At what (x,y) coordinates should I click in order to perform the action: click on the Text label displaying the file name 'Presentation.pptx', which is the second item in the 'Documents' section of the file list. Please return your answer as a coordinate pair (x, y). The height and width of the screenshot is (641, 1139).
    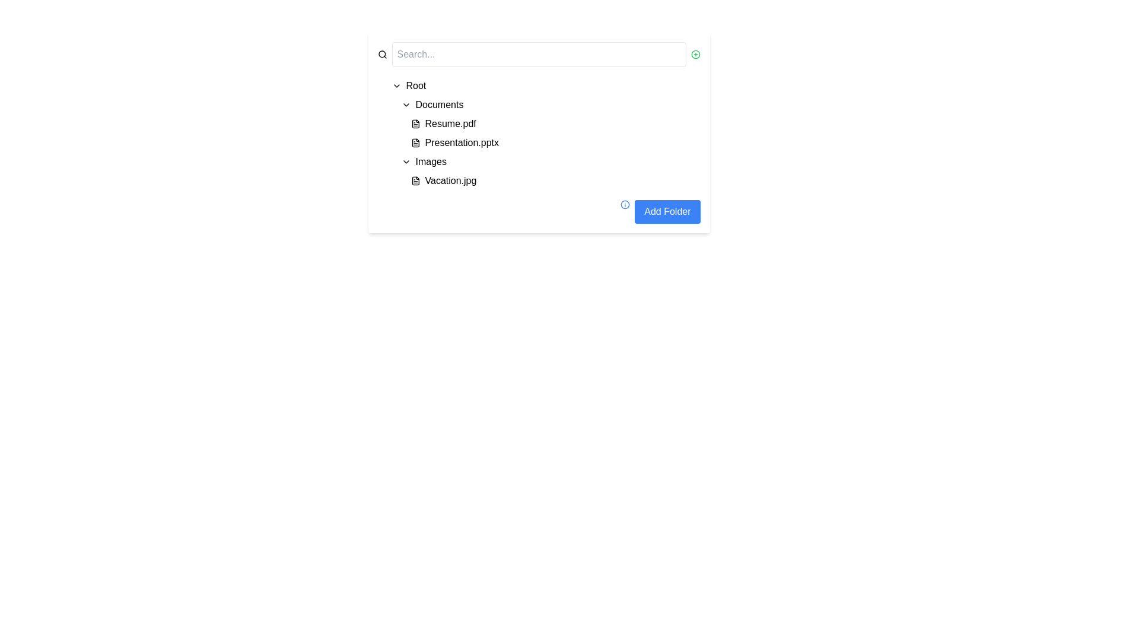
    Looking at the image, I should click on (461, 142).